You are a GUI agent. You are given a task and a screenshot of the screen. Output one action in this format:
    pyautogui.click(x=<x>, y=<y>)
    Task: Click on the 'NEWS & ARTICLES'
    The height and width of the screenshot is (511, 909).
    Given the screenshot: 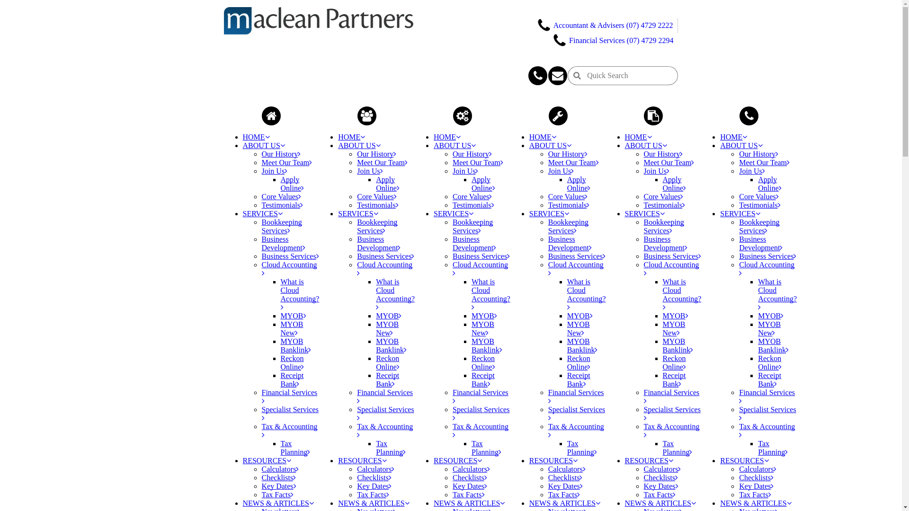 What is the action you would take?
    pyautogui.click(x=660, y=502)
    